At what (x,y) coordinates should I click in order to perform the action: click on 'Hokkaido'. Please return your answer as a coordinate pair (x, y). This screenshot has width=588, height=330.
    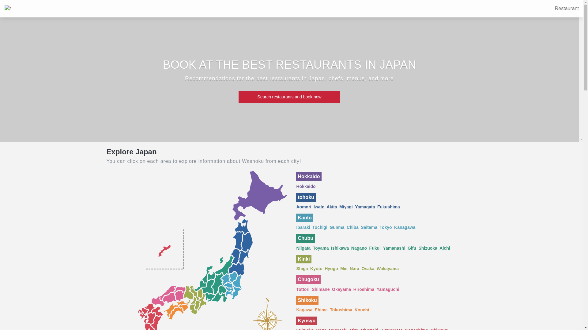
    Looking at the image, I should click on (306, 186).